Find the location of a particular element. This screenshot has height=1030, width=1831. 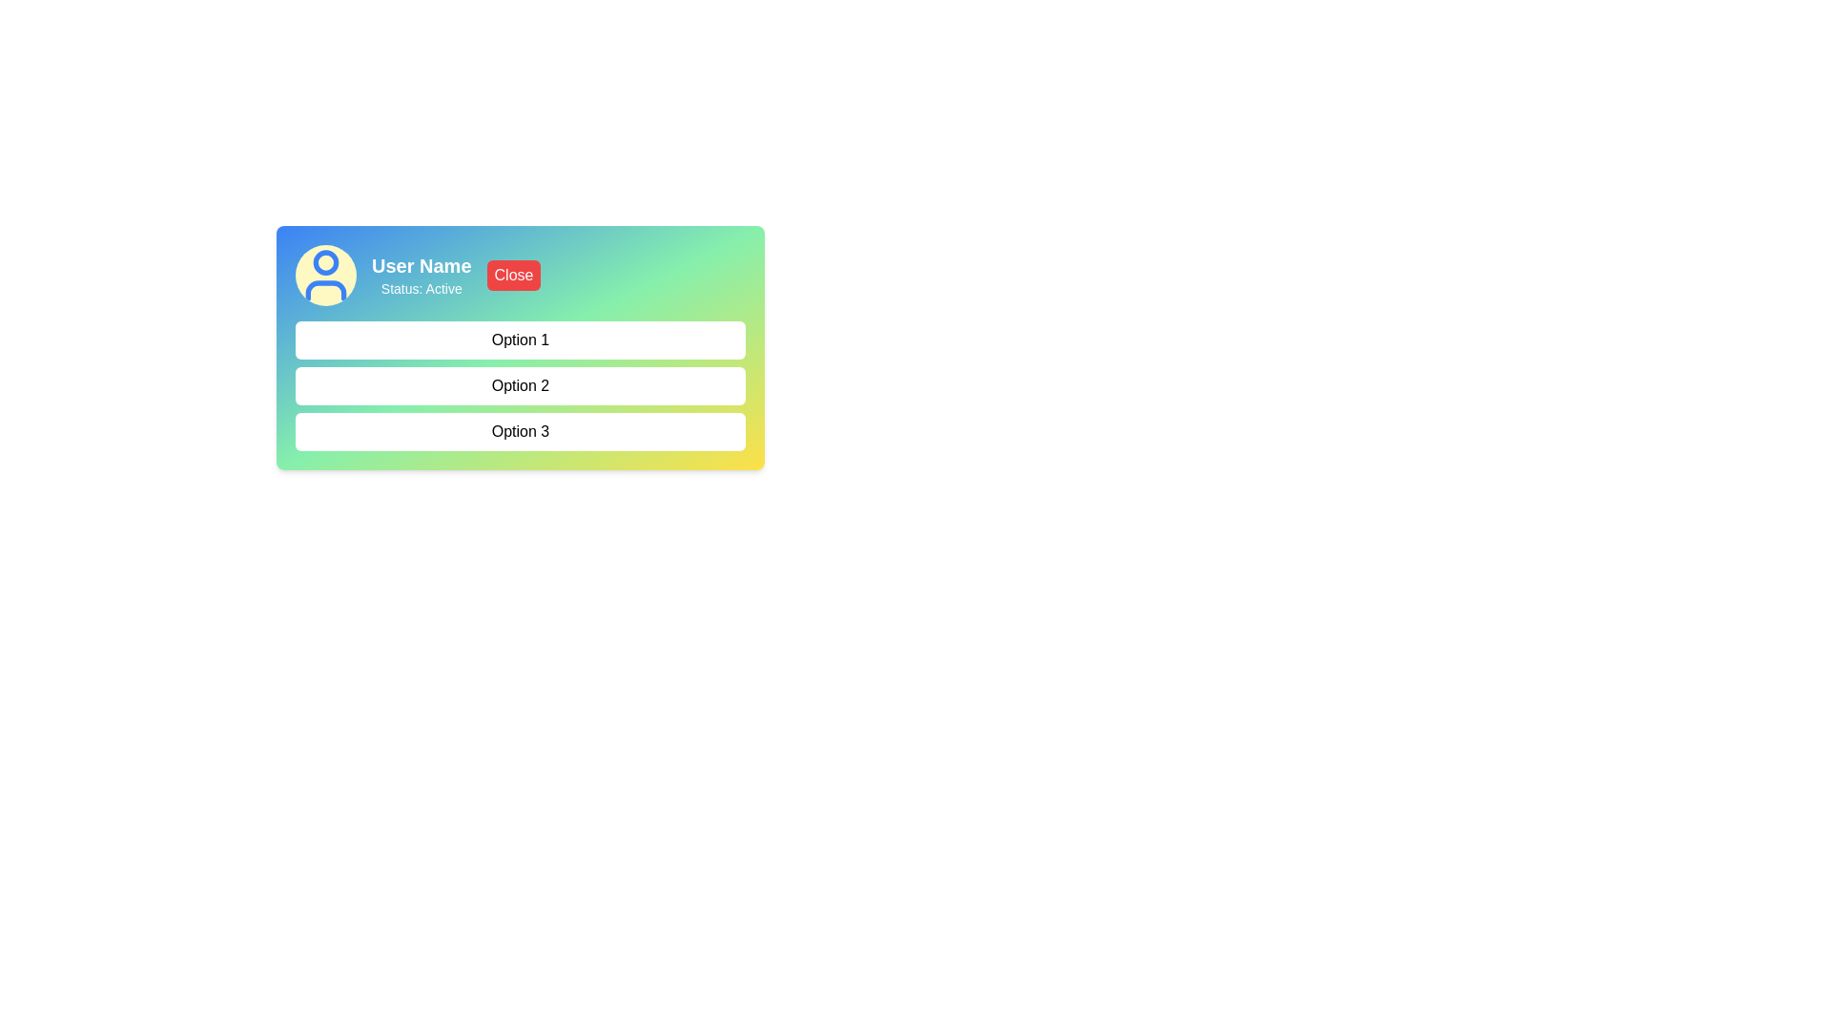

the second button in the vertically-stacked group of three options is located at coordinates (521, 386).